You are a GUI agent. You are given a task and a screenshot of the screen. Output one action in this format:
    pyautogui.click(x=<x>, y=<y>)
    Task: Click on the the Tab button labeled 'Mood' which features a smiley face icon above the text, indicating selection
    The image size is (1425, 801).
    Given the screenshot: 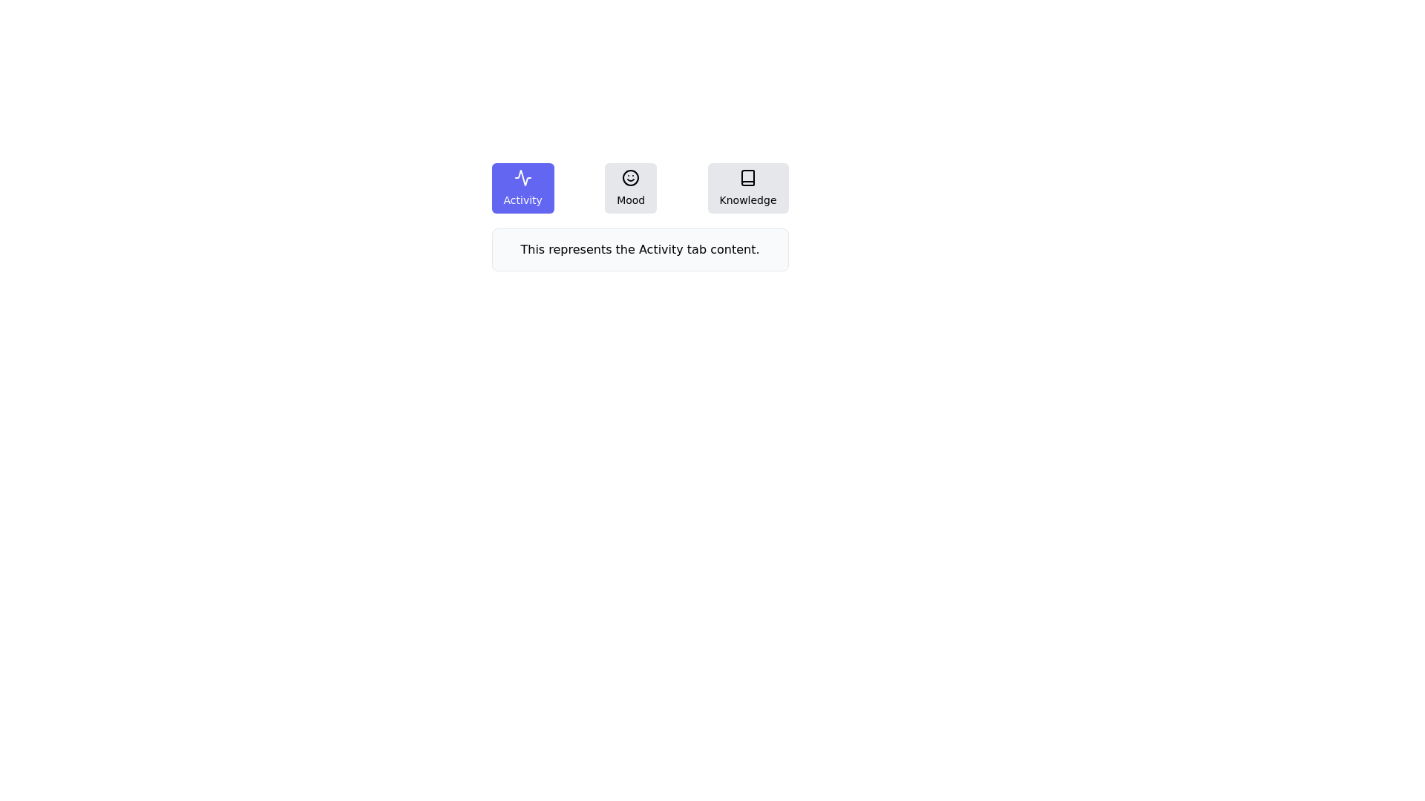 What is the action you would take?
    pyautogui.click(x=631, y=188)
    